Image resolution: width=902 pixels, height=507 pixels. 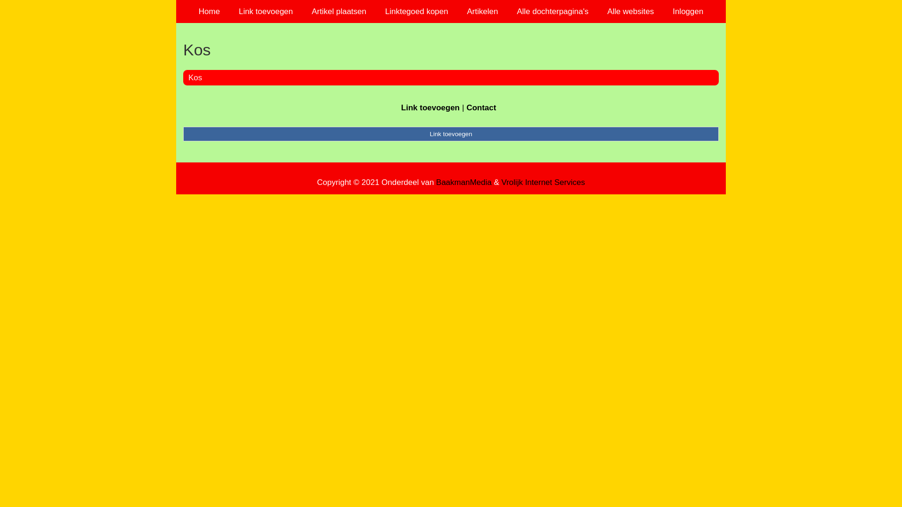 I want to click on 'BaakmanMedia', so click(x=464, y=182).